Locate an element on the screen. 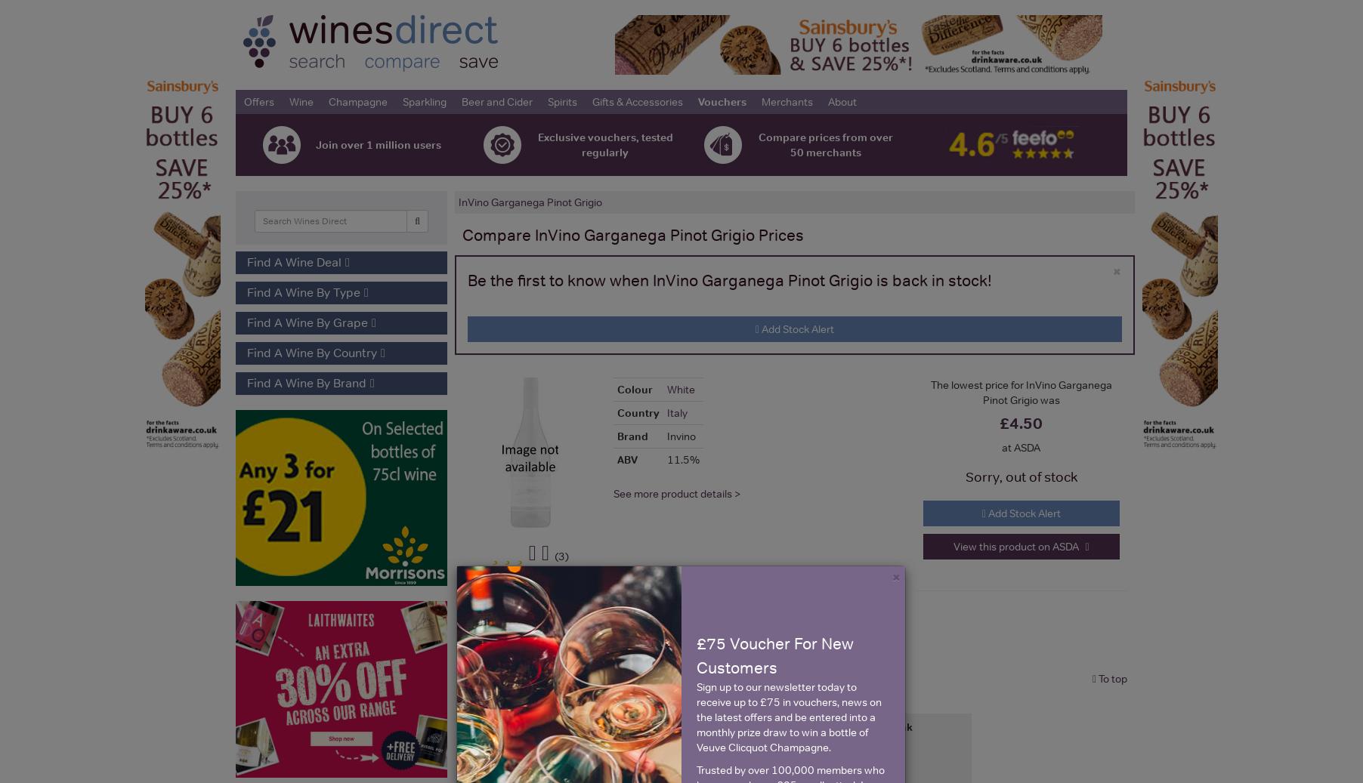 The image size is (1363, 783). 'Spirits' is located at coordinates (548, 101).